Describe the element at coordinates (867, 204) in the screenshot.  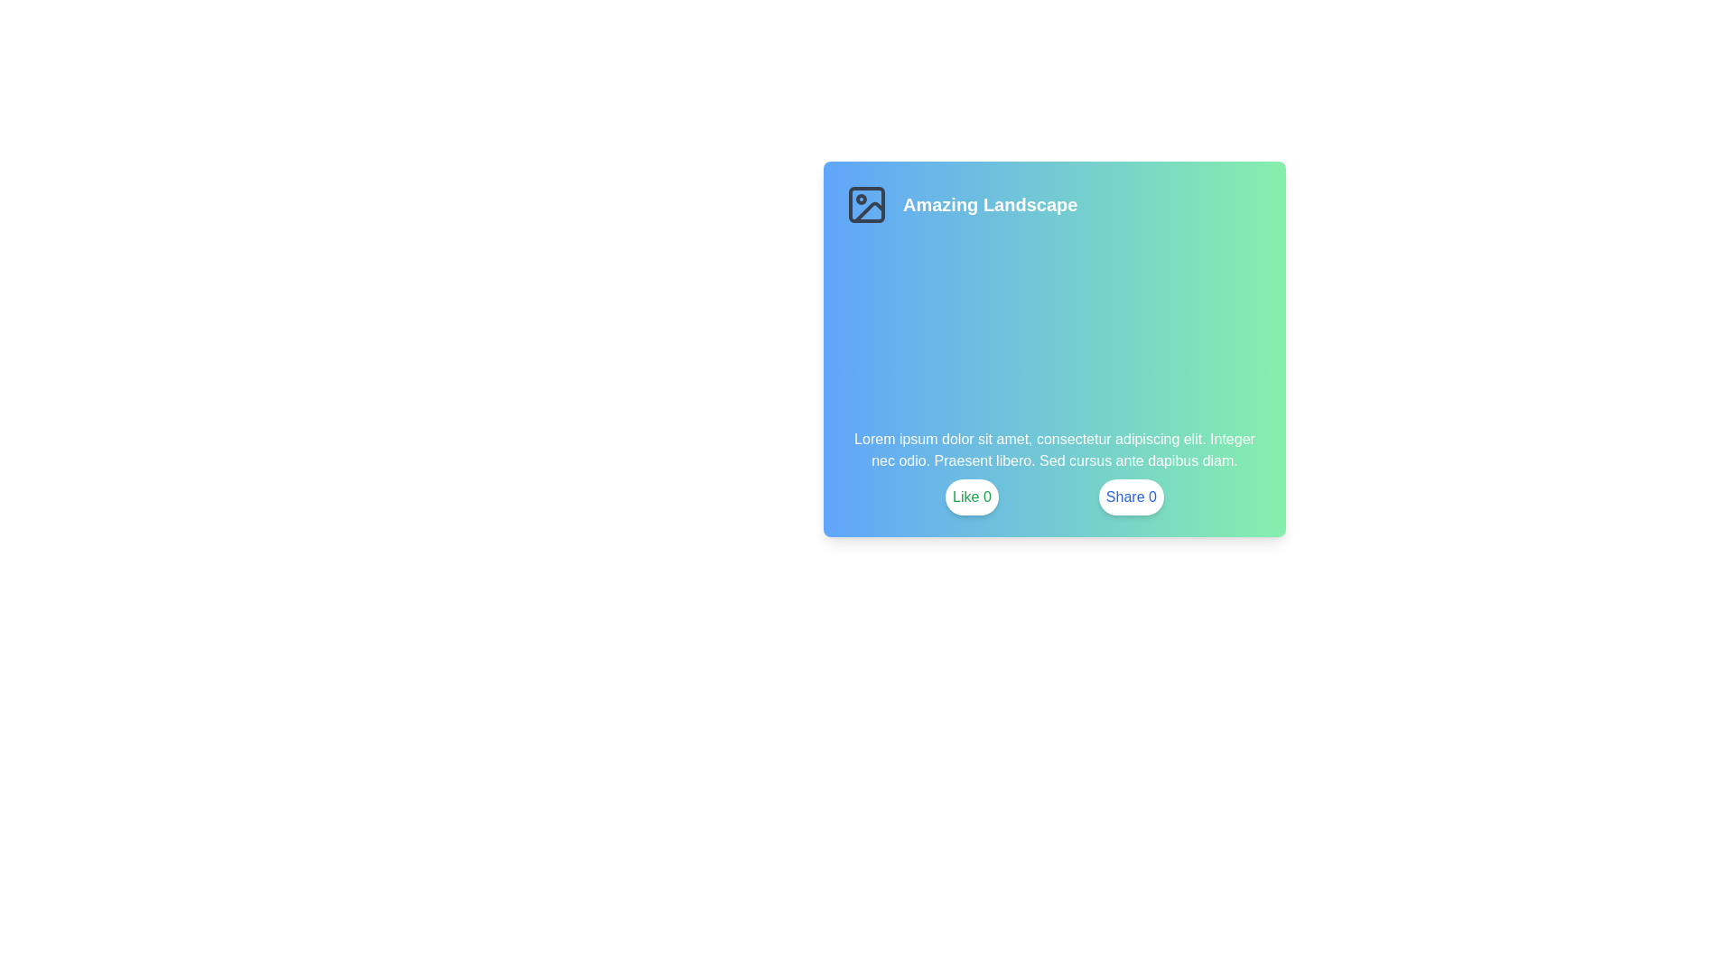
I see `the icon that resembles an image placeholder, which is a muted gray rectangle containing a circle and a diagonal line, located at the upper left corner of the section with the text 'Amazing Landscape'` at that location.